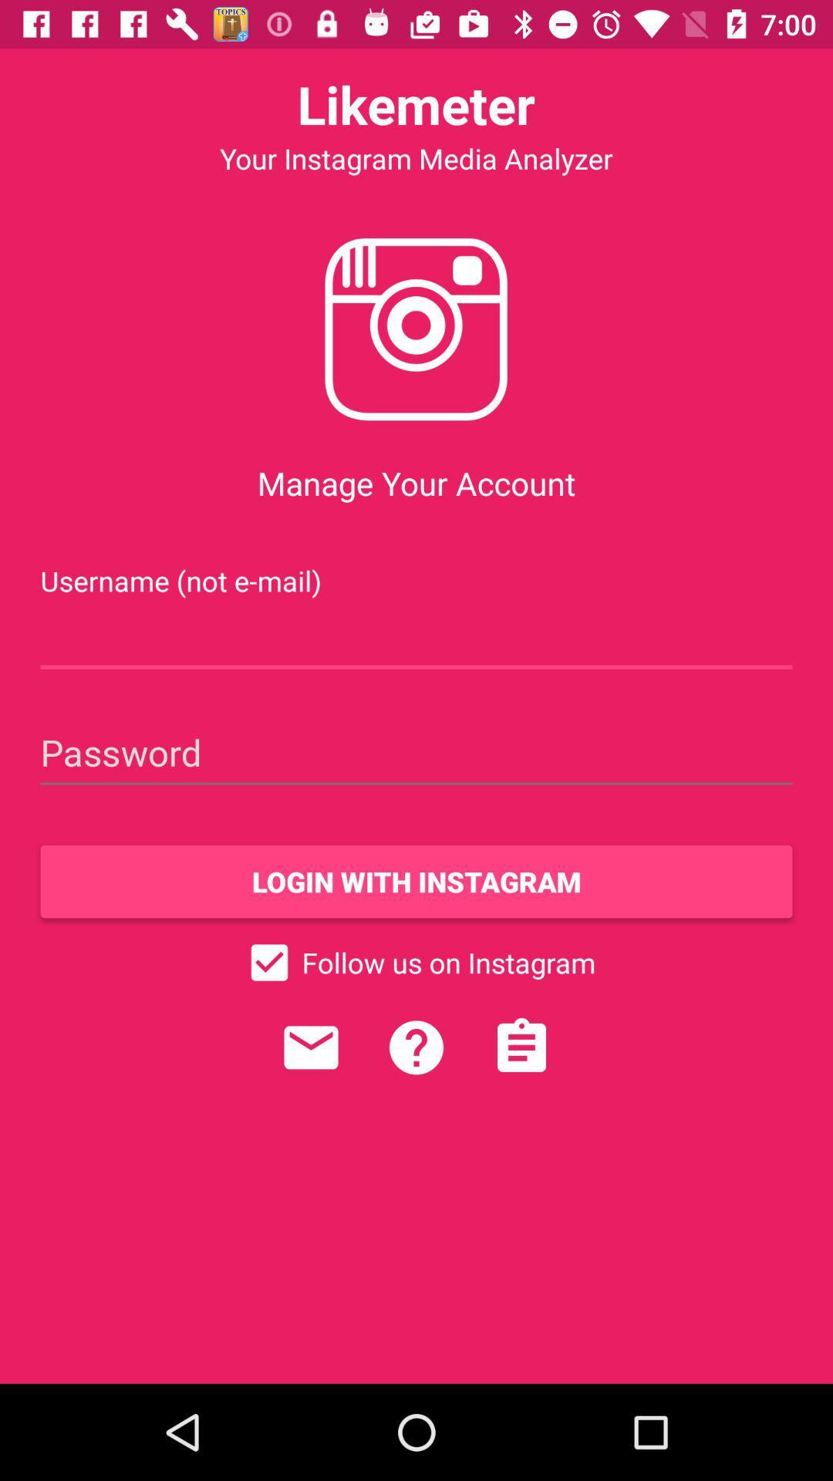 Image resolution: width=833 pixels, height=1481 pixels. What do you see at coordinates (416, 962) in the screenshot?
I see `the follow us on item` at bounding box center [416, 962].